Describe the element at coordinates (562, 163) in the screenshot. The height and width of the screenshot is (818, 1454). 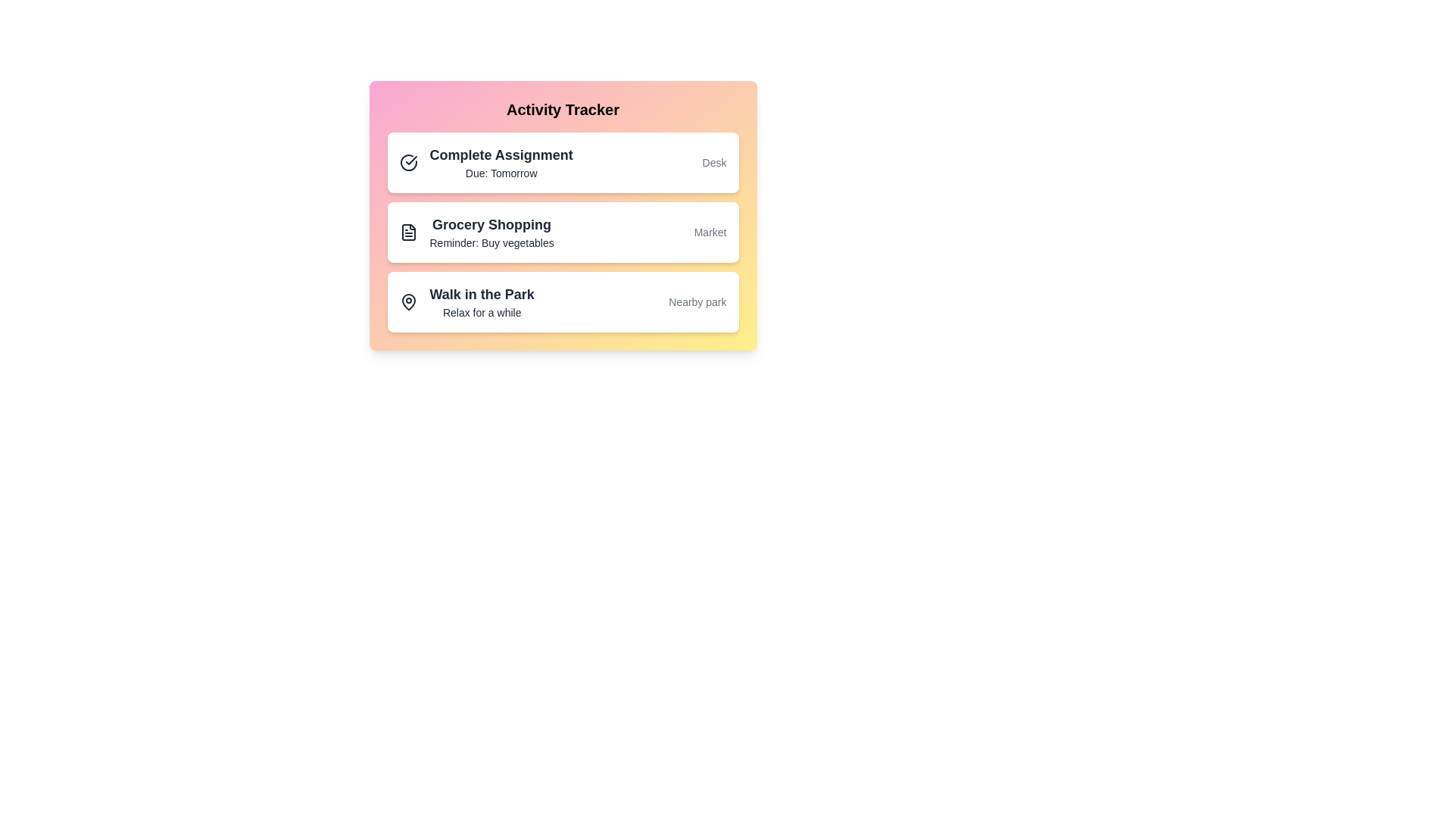
I see `the item Complete Assignment in the list` at that location.